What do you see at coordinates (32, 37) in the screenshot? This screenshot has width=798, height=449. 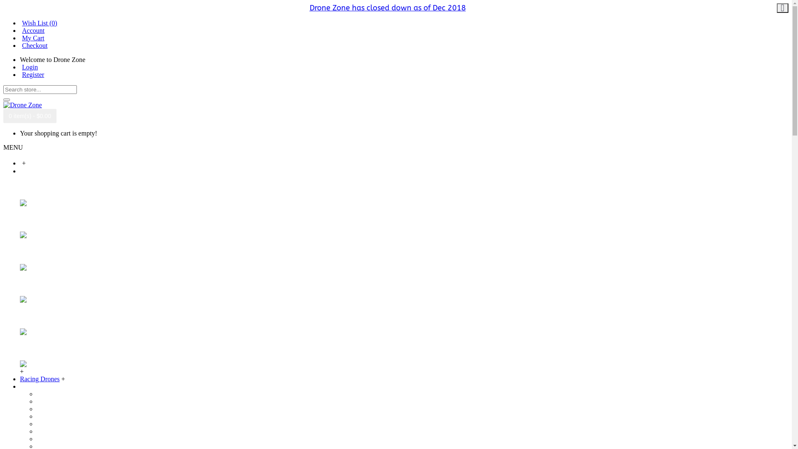 I see `'My Cart'` at bounding box center [32, 37].